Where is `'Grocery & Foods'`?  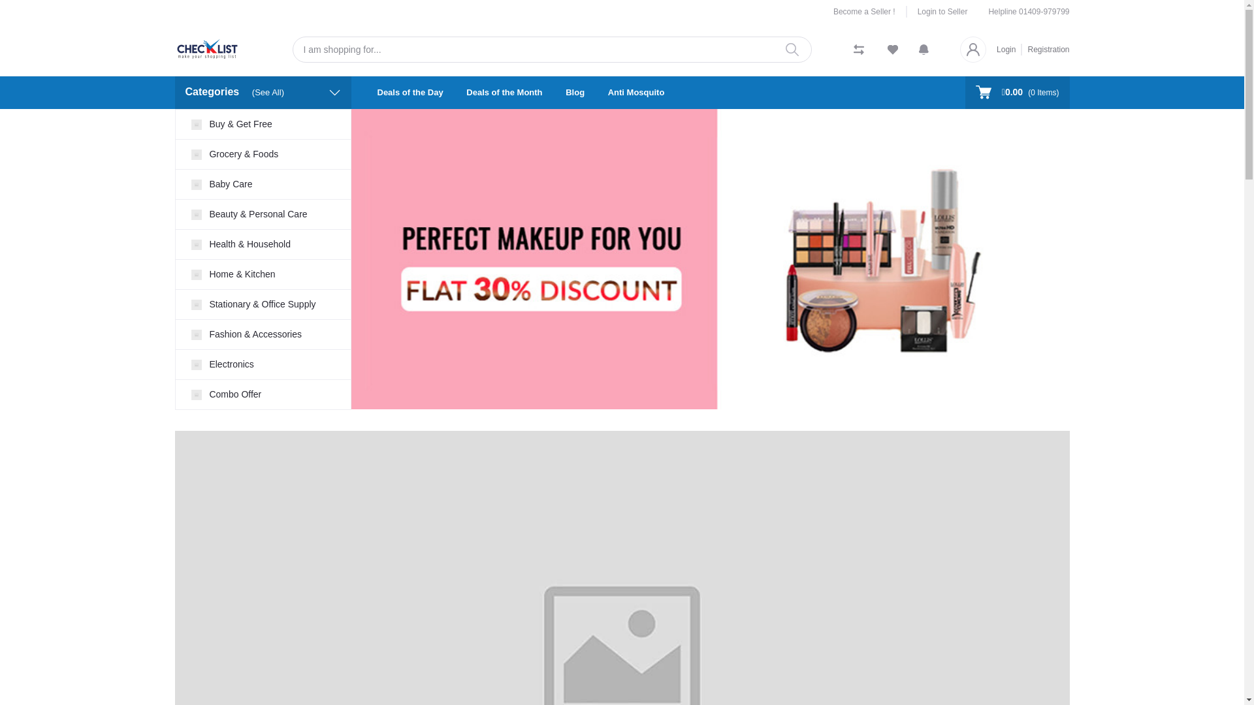 'Grocery & Foods' is located at coordinates (174, 153).